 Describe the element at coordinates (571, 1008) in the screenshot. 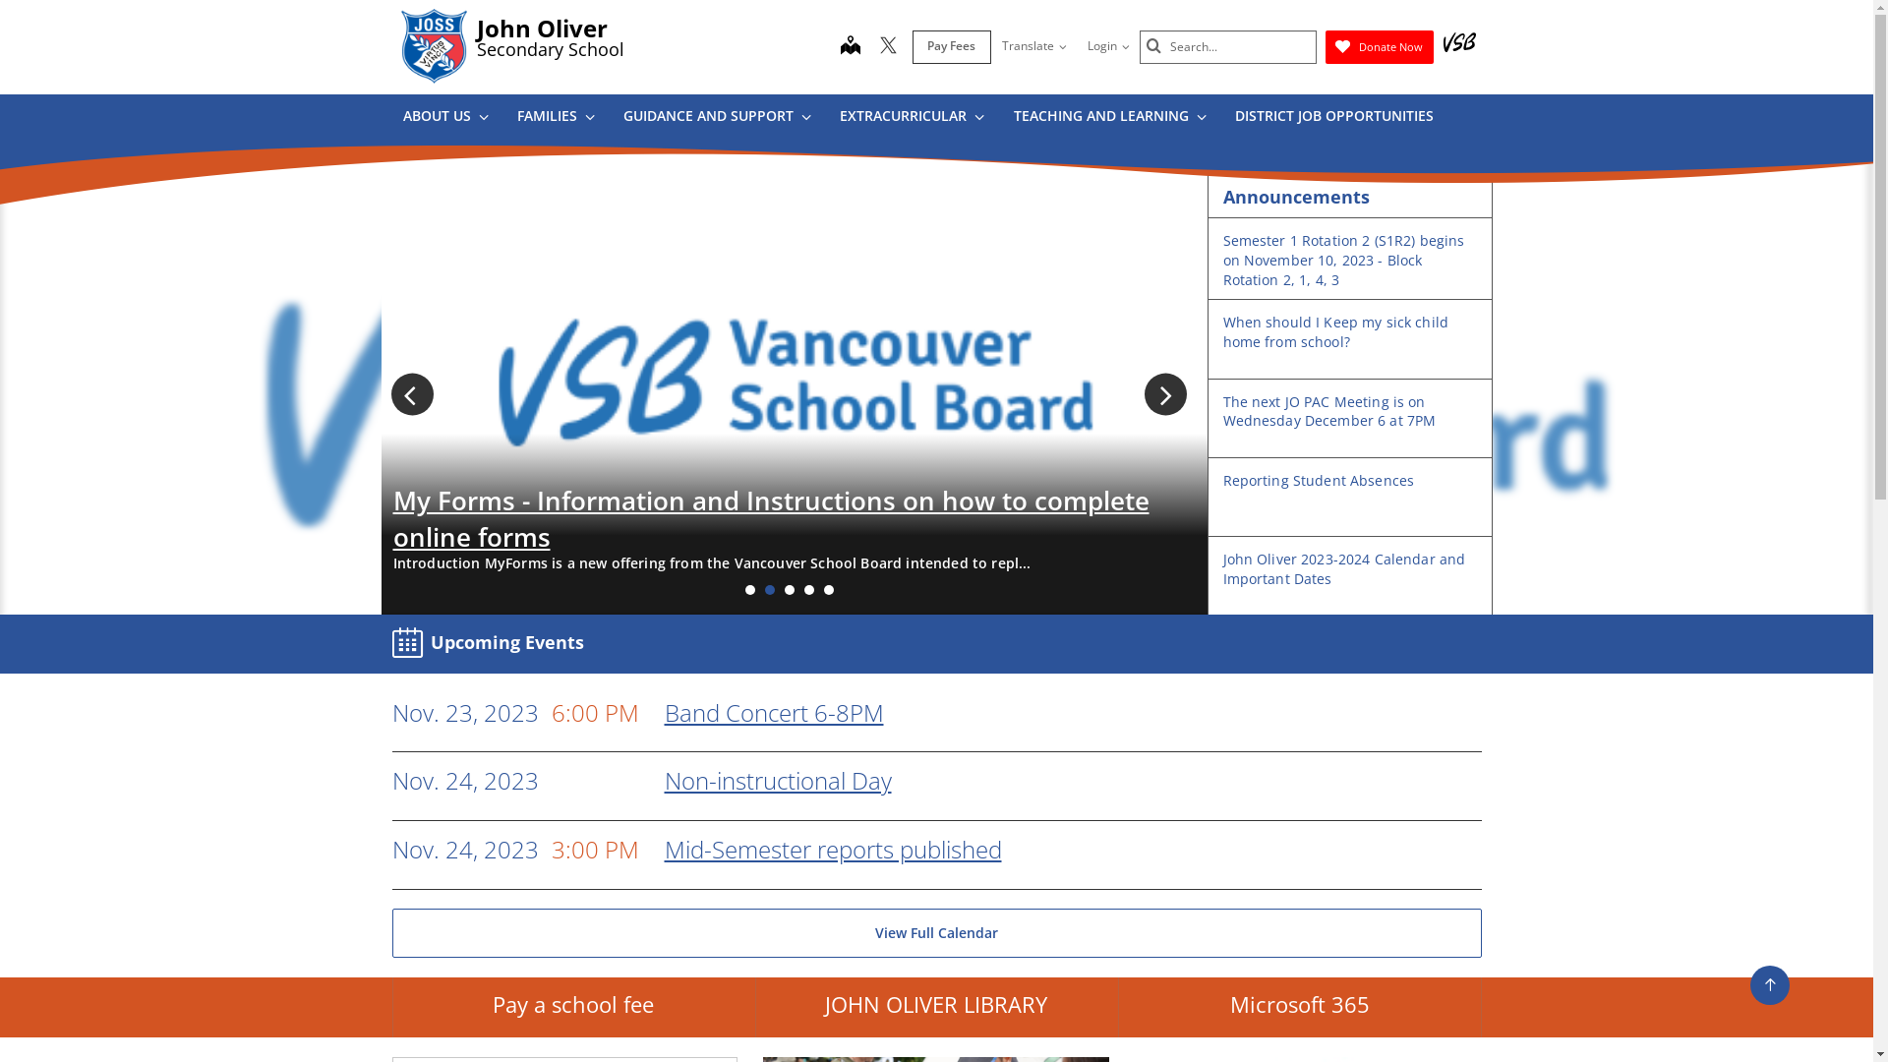

I see `'Pay a school fee'` at that location.